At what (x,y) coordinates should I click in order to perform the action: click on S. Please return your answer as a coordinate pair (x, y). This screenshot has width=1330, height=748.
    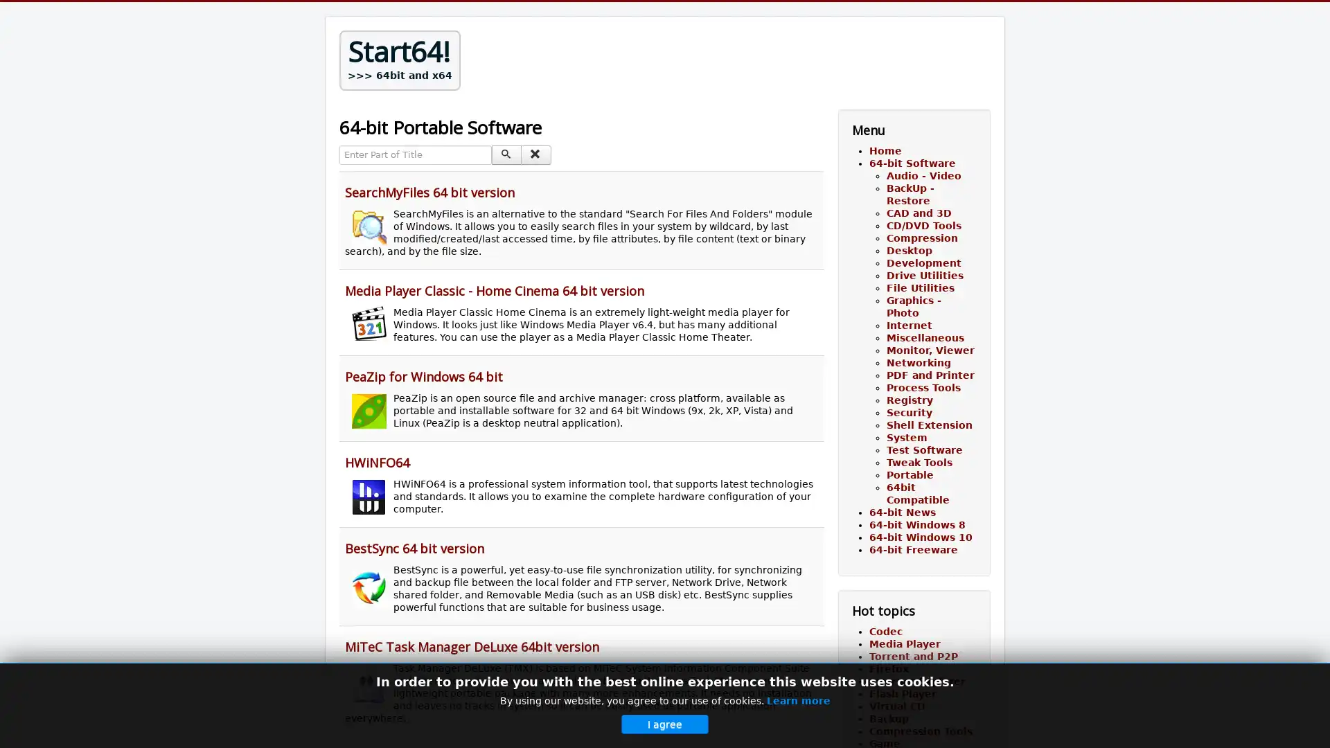
    Looking at the image, I should click on (506, 154).